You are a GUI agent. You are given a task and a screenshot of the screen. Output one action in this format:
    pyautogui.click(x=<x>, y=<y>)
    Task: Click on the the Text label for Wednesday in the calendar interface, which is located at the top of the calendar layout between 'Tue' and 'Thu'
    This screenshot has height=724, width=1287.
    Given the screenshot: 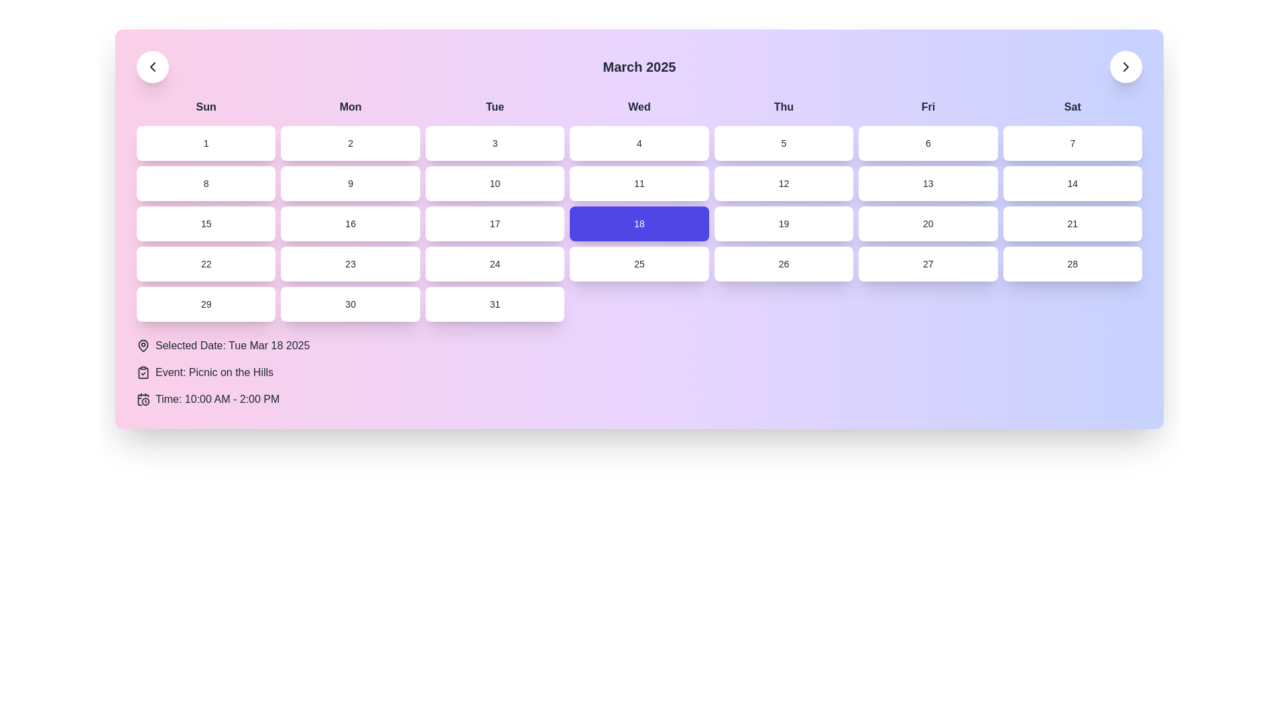 What is the action you would take?
    pyautogui.click(x=639, y=106)
    